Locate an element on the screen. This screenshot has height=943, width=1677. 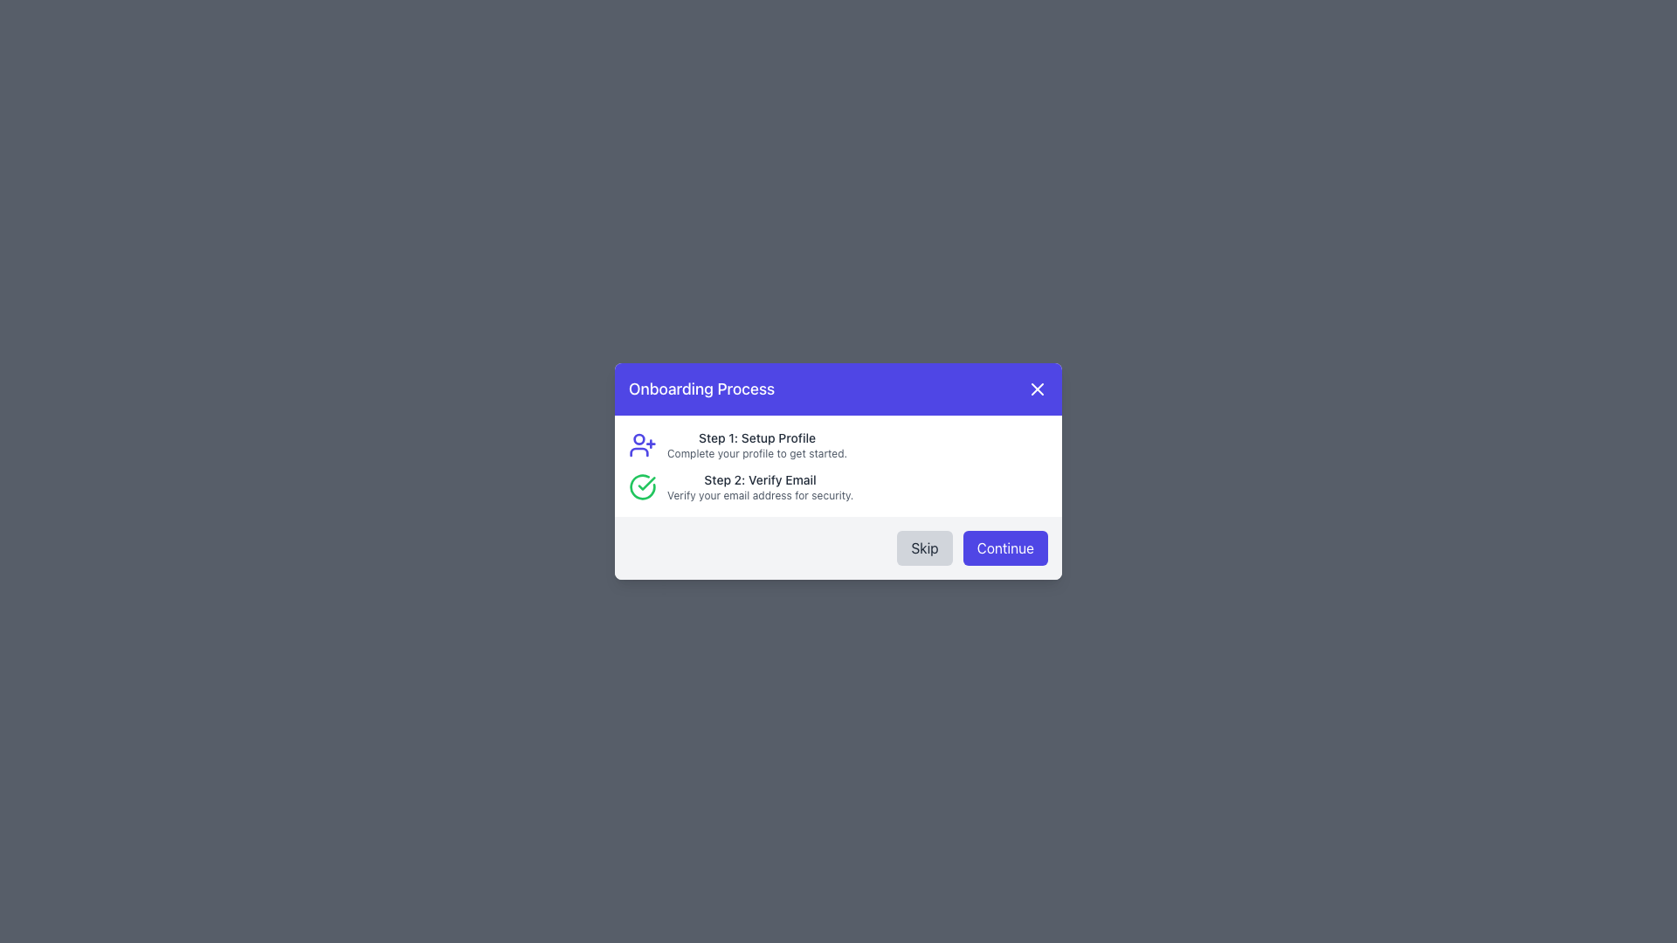
the status representation of the circular icon with a green outline and checkmark located next to the text 'Step 2: Verify Email' in the 'Onboarding Process' dialog box is located at coordinates (641, 487).